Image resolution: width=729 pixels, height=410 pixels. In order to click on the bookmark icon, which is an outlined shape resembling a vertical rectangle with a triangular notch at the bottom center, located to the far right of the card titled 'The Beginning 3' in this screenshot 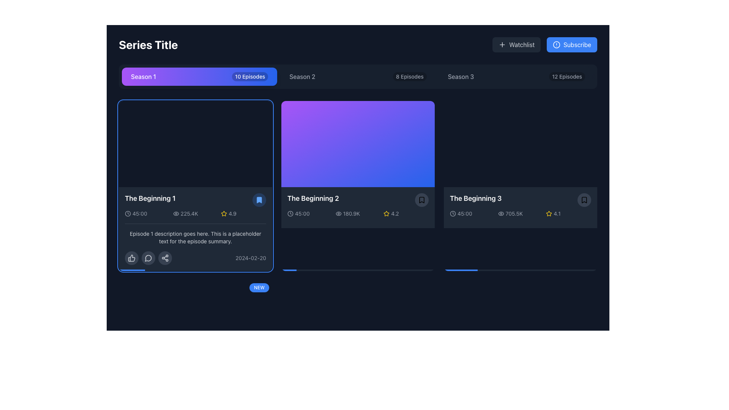, I will do `click(584, 200)`.